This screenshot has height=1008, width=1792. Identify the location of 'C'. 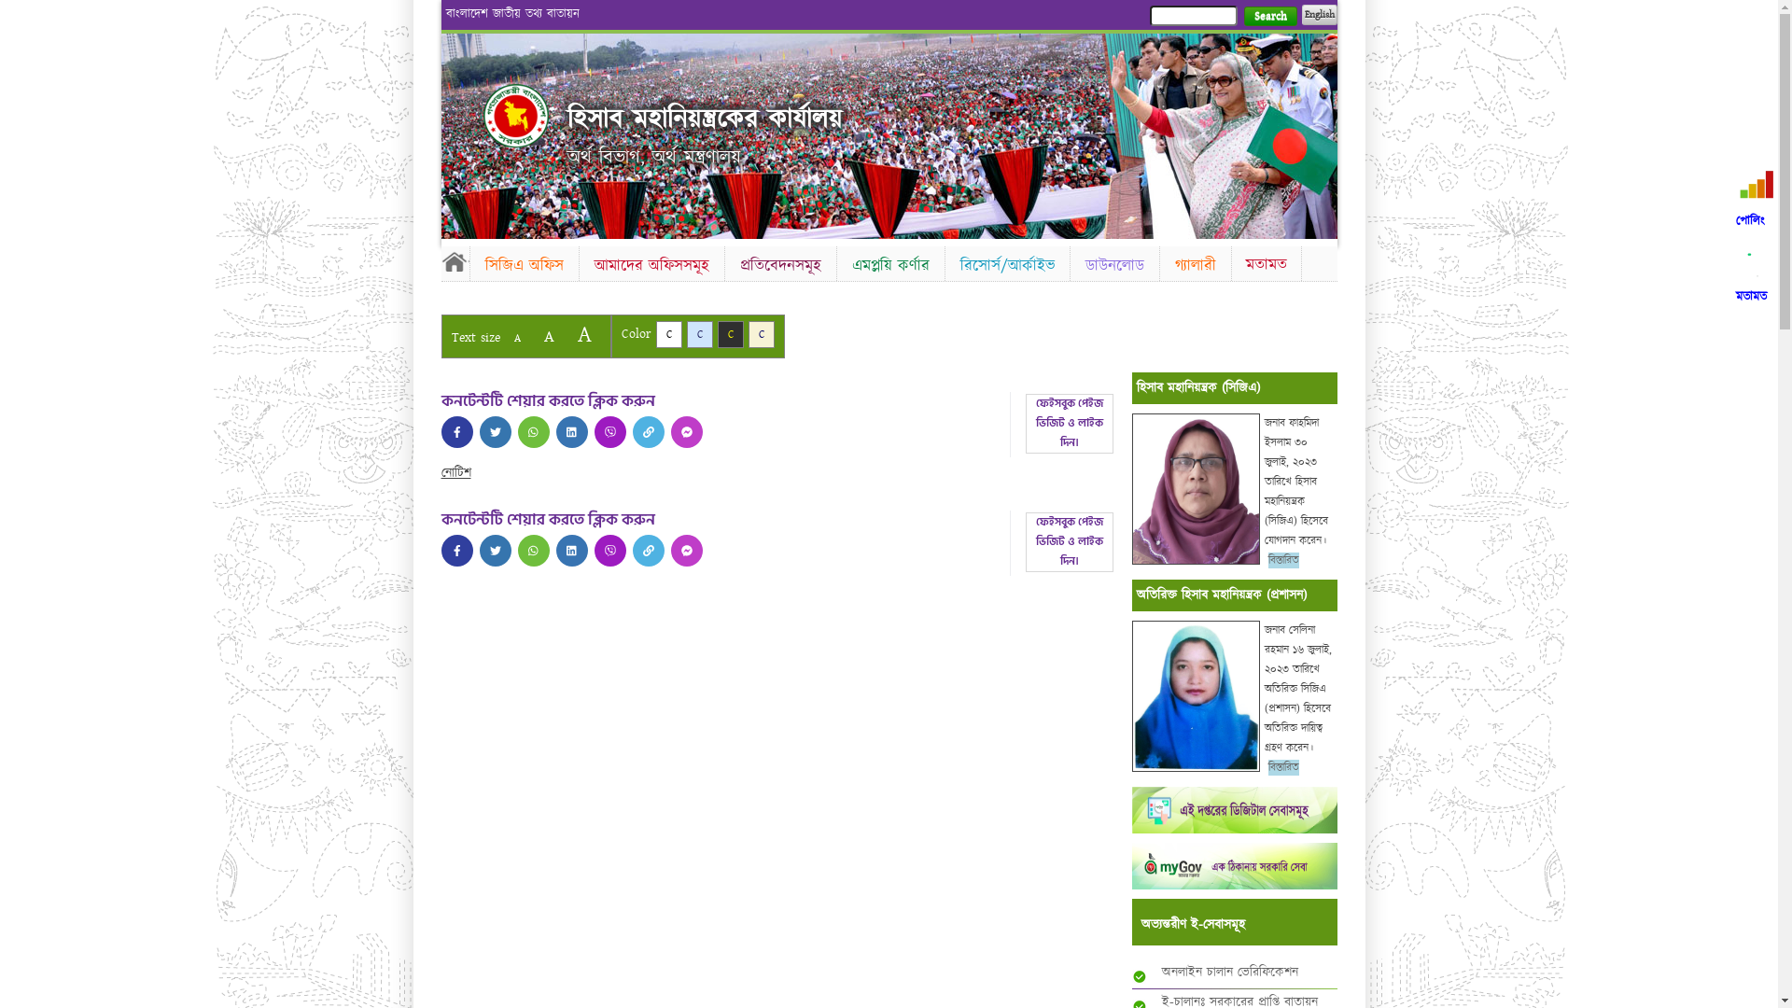
(667, 333).